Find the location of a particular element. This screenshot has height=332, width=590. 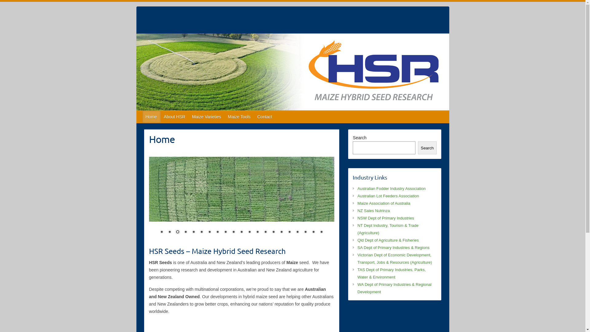

'Home' is located at coordinates (142, 117).